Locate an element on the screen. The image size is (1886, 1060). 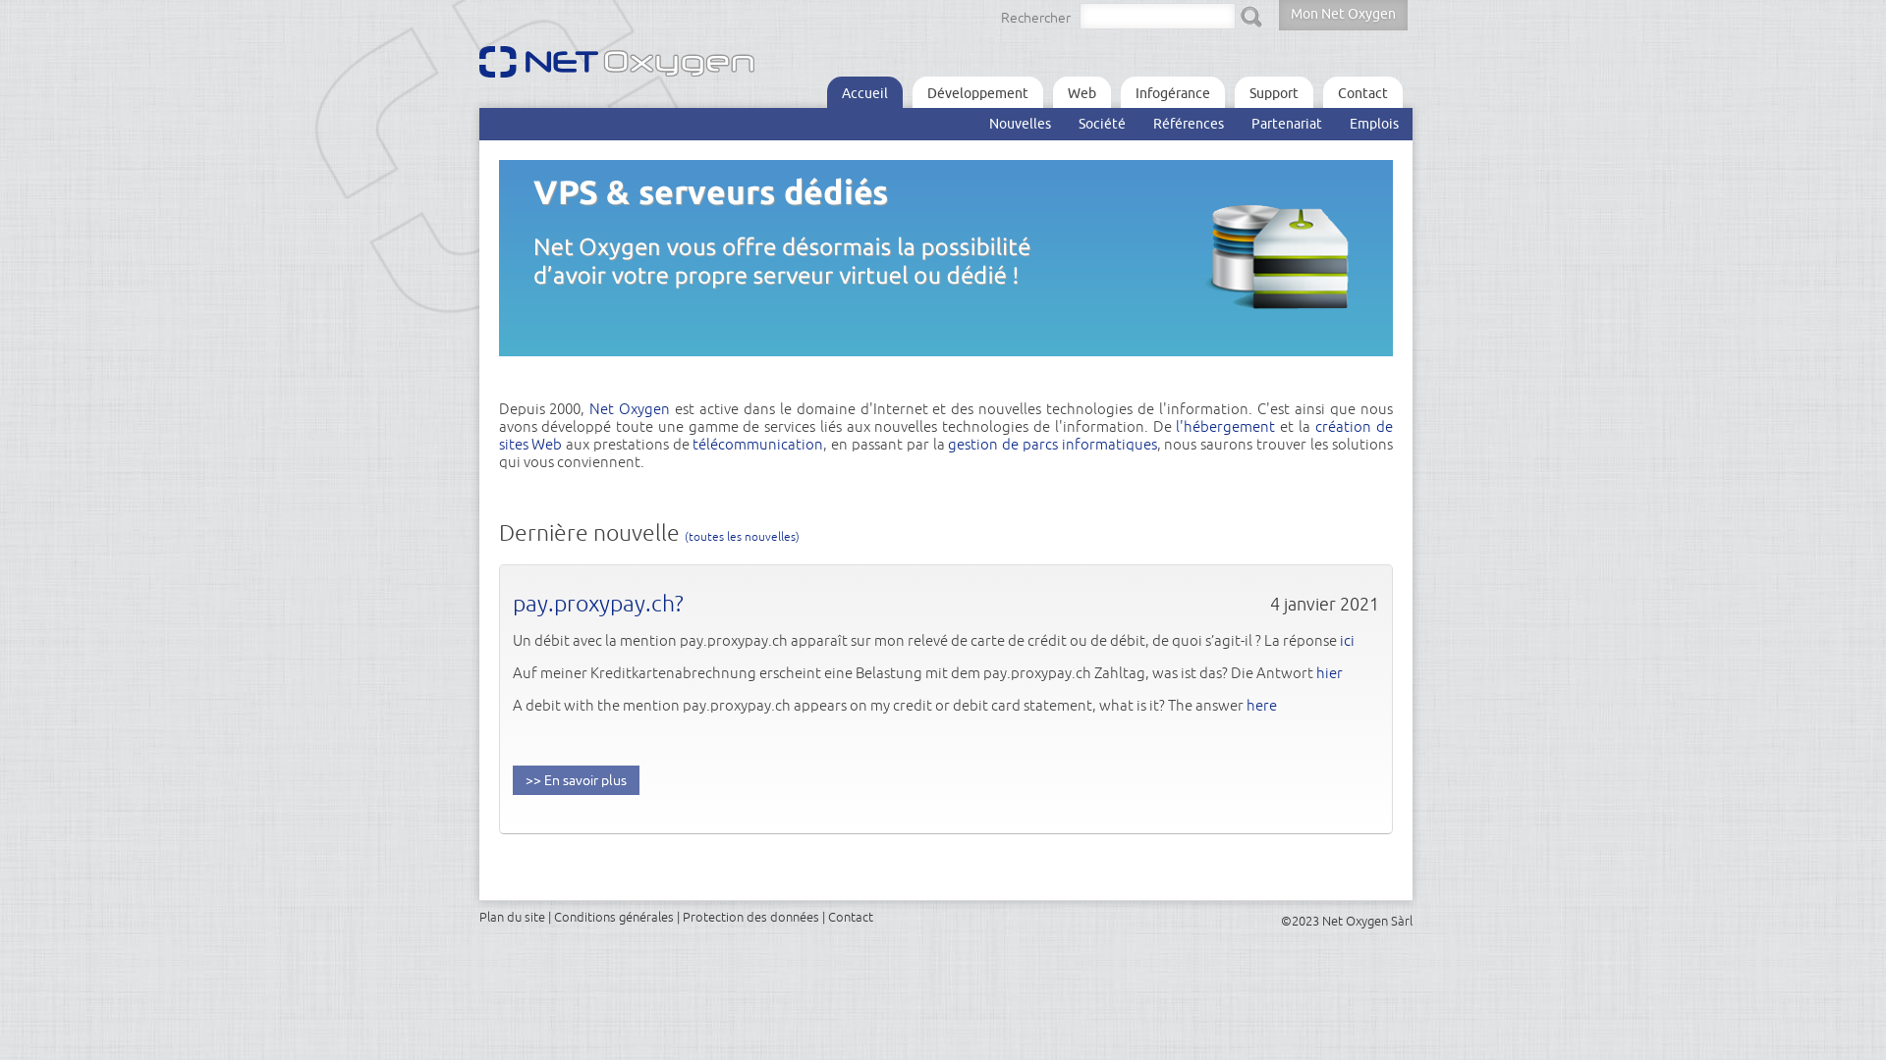
'Net Oxygen' is located at coordinates (630, 407).